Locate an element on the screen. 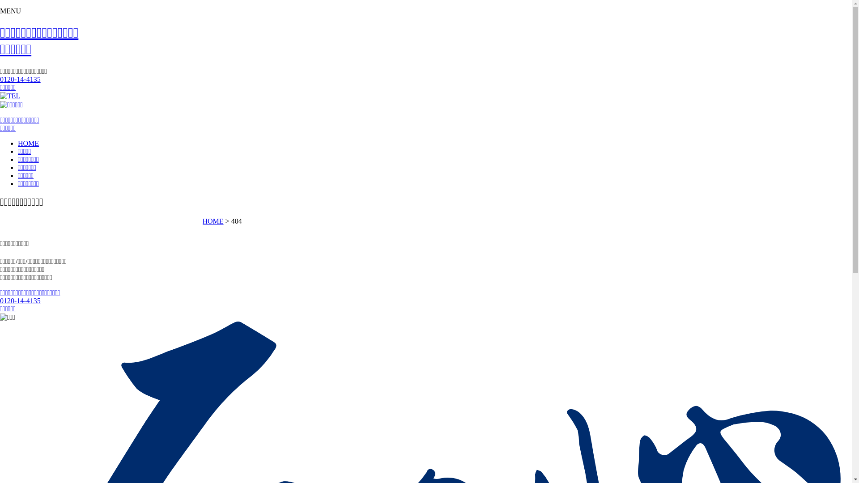 This screenshot has width=859, height=483. '0120-14-4135' is located at coordinates (20, 79).